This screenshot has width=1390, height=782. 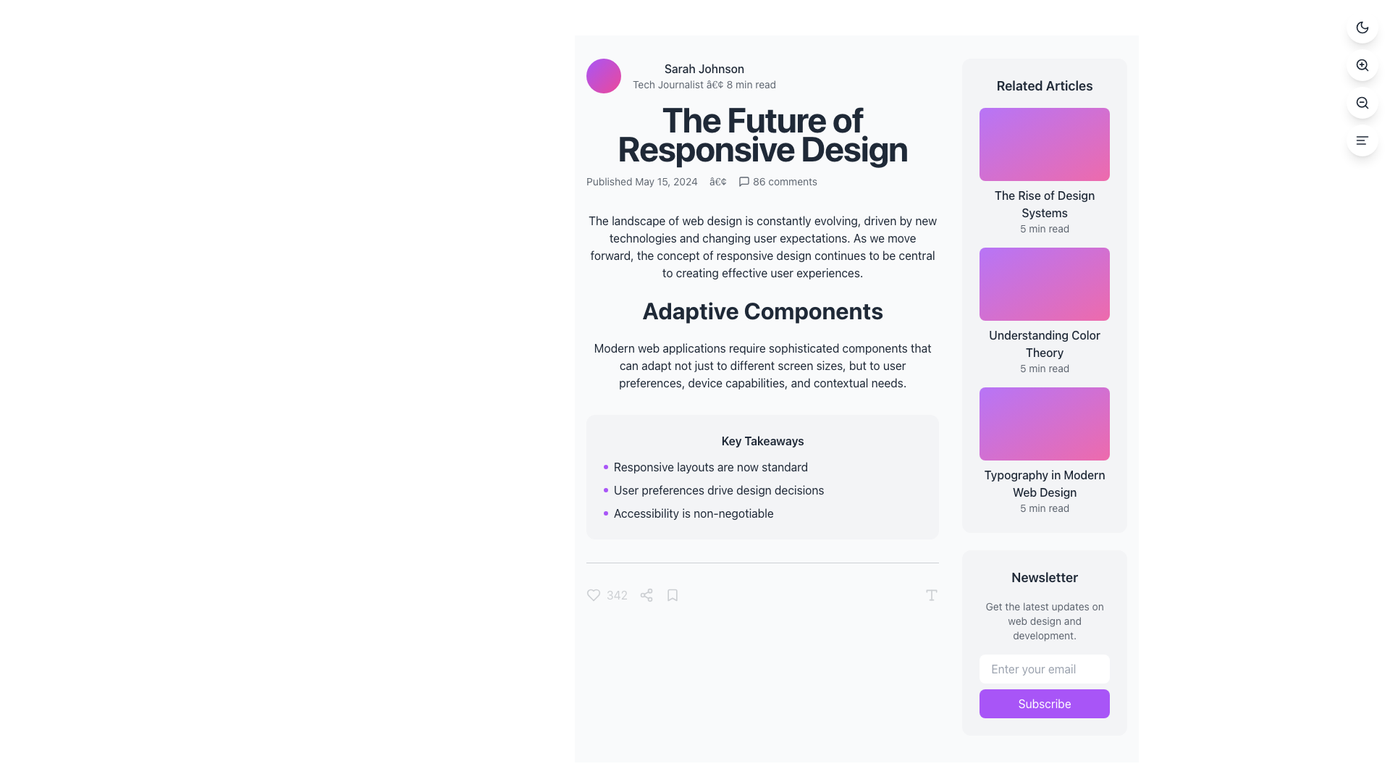 I want to click on the bookmark icon, which is styled with a minimalistic gray outline and is the third icon in a row of interactive elements beneath the main content, so click(x=672, y=594).